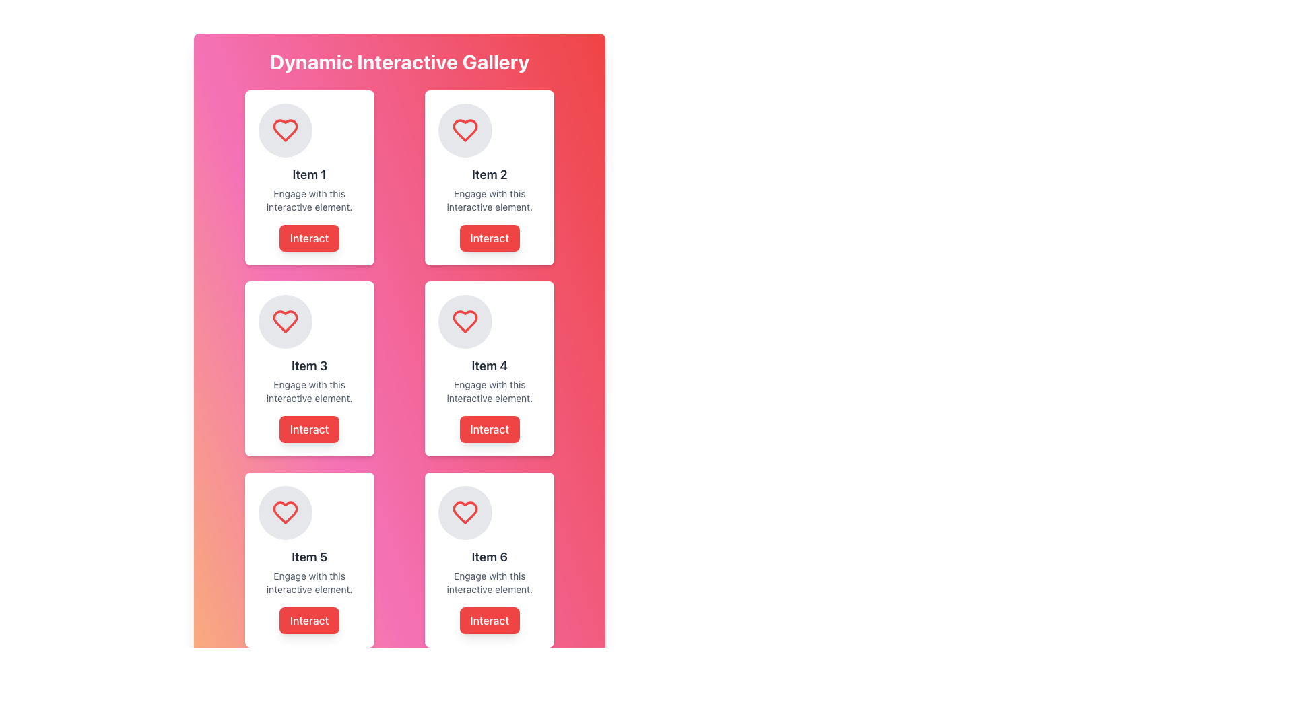  Describe the element at coordinates (284, 322) in the screenshot. I see `the decorative heart icon located at the top section of the 'Item 3' card, which visually represents a thematic element without interactive functionality` at that location.